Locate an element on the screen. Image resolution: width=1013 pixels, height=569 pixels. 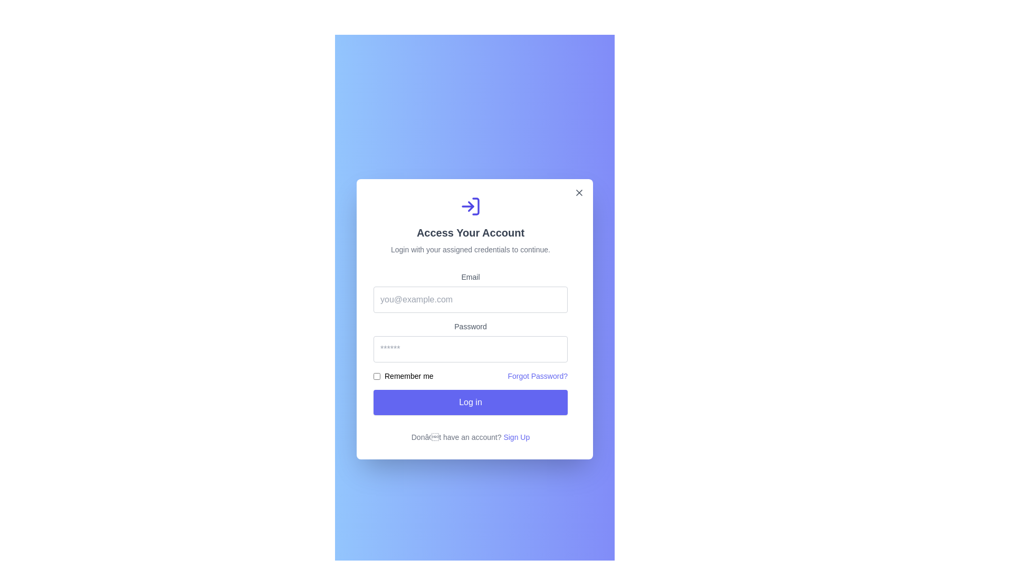
the 'Log in' button, which is a horizontally rectangular button with an indigo background and white text, located below the 'Remember me' section at the bottom of the form is located at coordinates (470, 402).